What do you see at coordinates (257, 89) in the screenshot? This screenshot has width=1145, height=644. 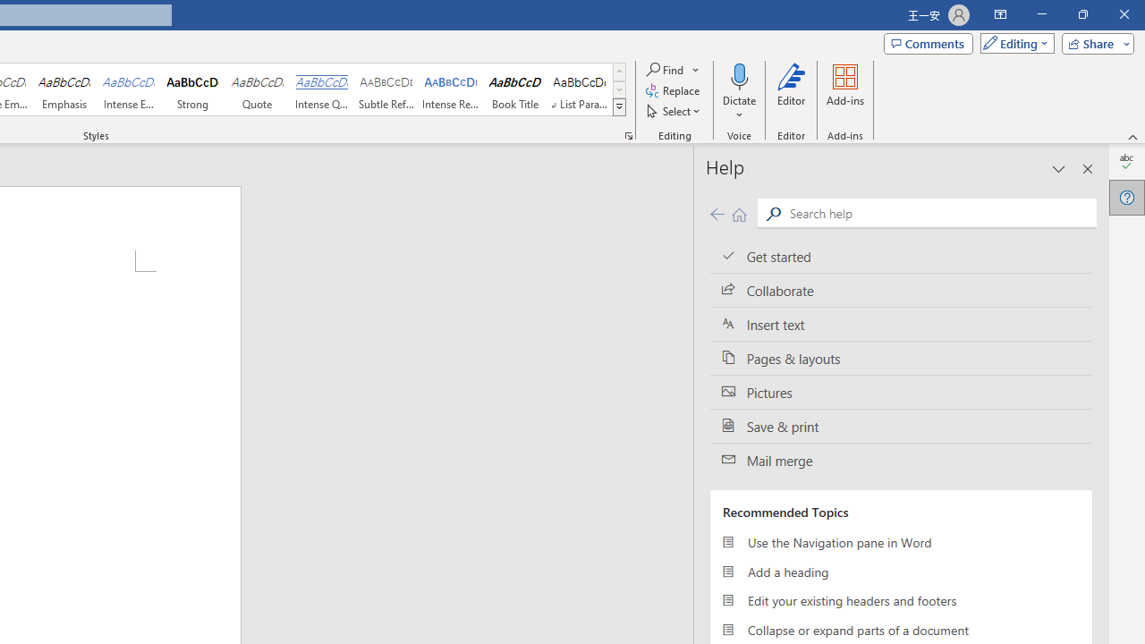 I see `'Quote'` at bounding box center [257, 89].